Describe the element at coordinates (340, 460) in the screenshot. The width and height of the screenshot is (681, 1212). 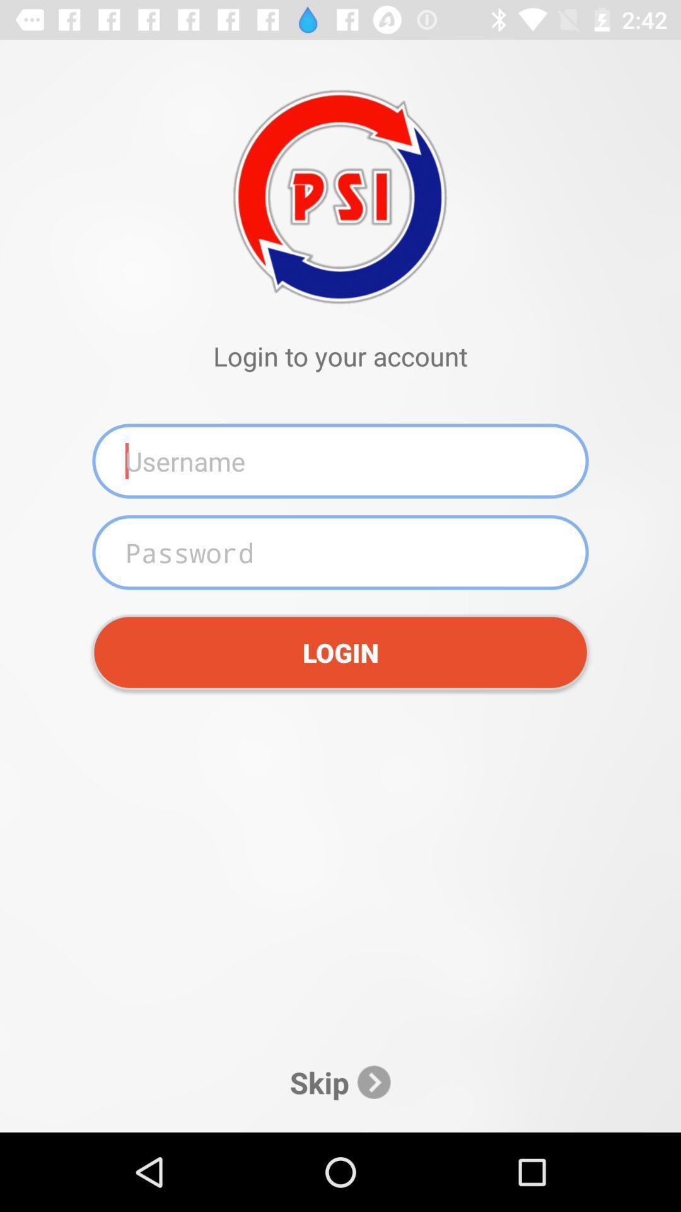
I see `the icon below login to your icon` at that location.